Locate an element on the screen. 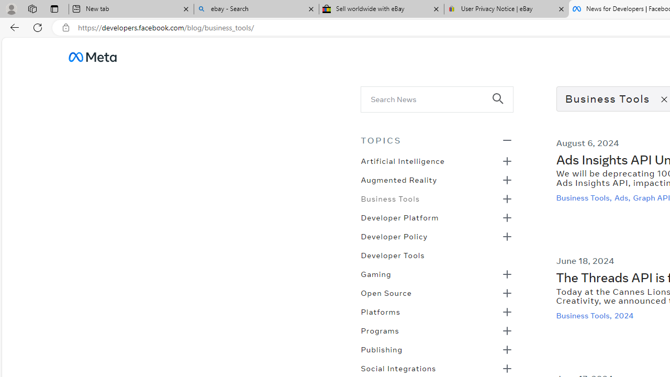 This screenshot has width=670, height=377. 'Social Integrations' is located at coordinates (398, 367).